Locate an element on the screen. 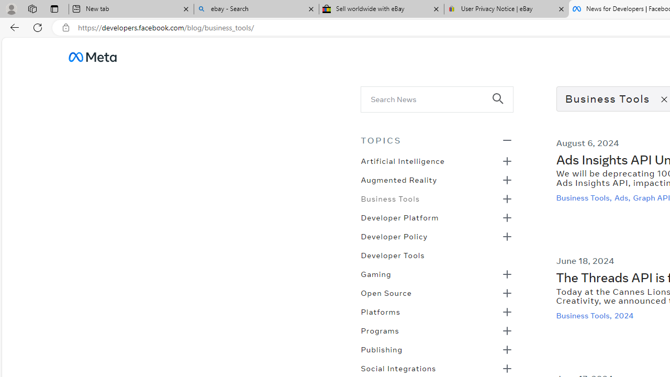 This screenshot has width=670, height=377. 'Social Integrations' is located at coordinates (398, 367).